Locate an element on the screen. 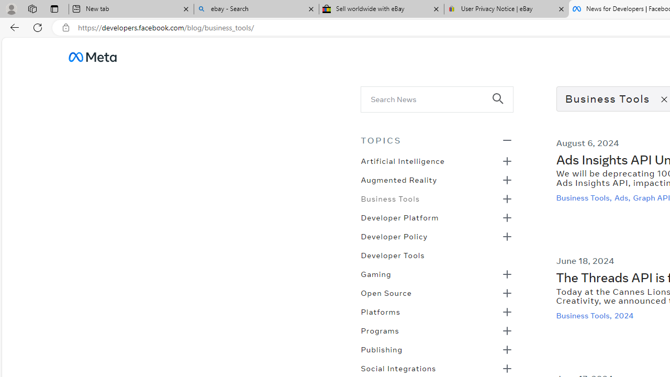 This screenshot has width=670, height=377. 'Social Integrations' is located at coordinates (398, 367).